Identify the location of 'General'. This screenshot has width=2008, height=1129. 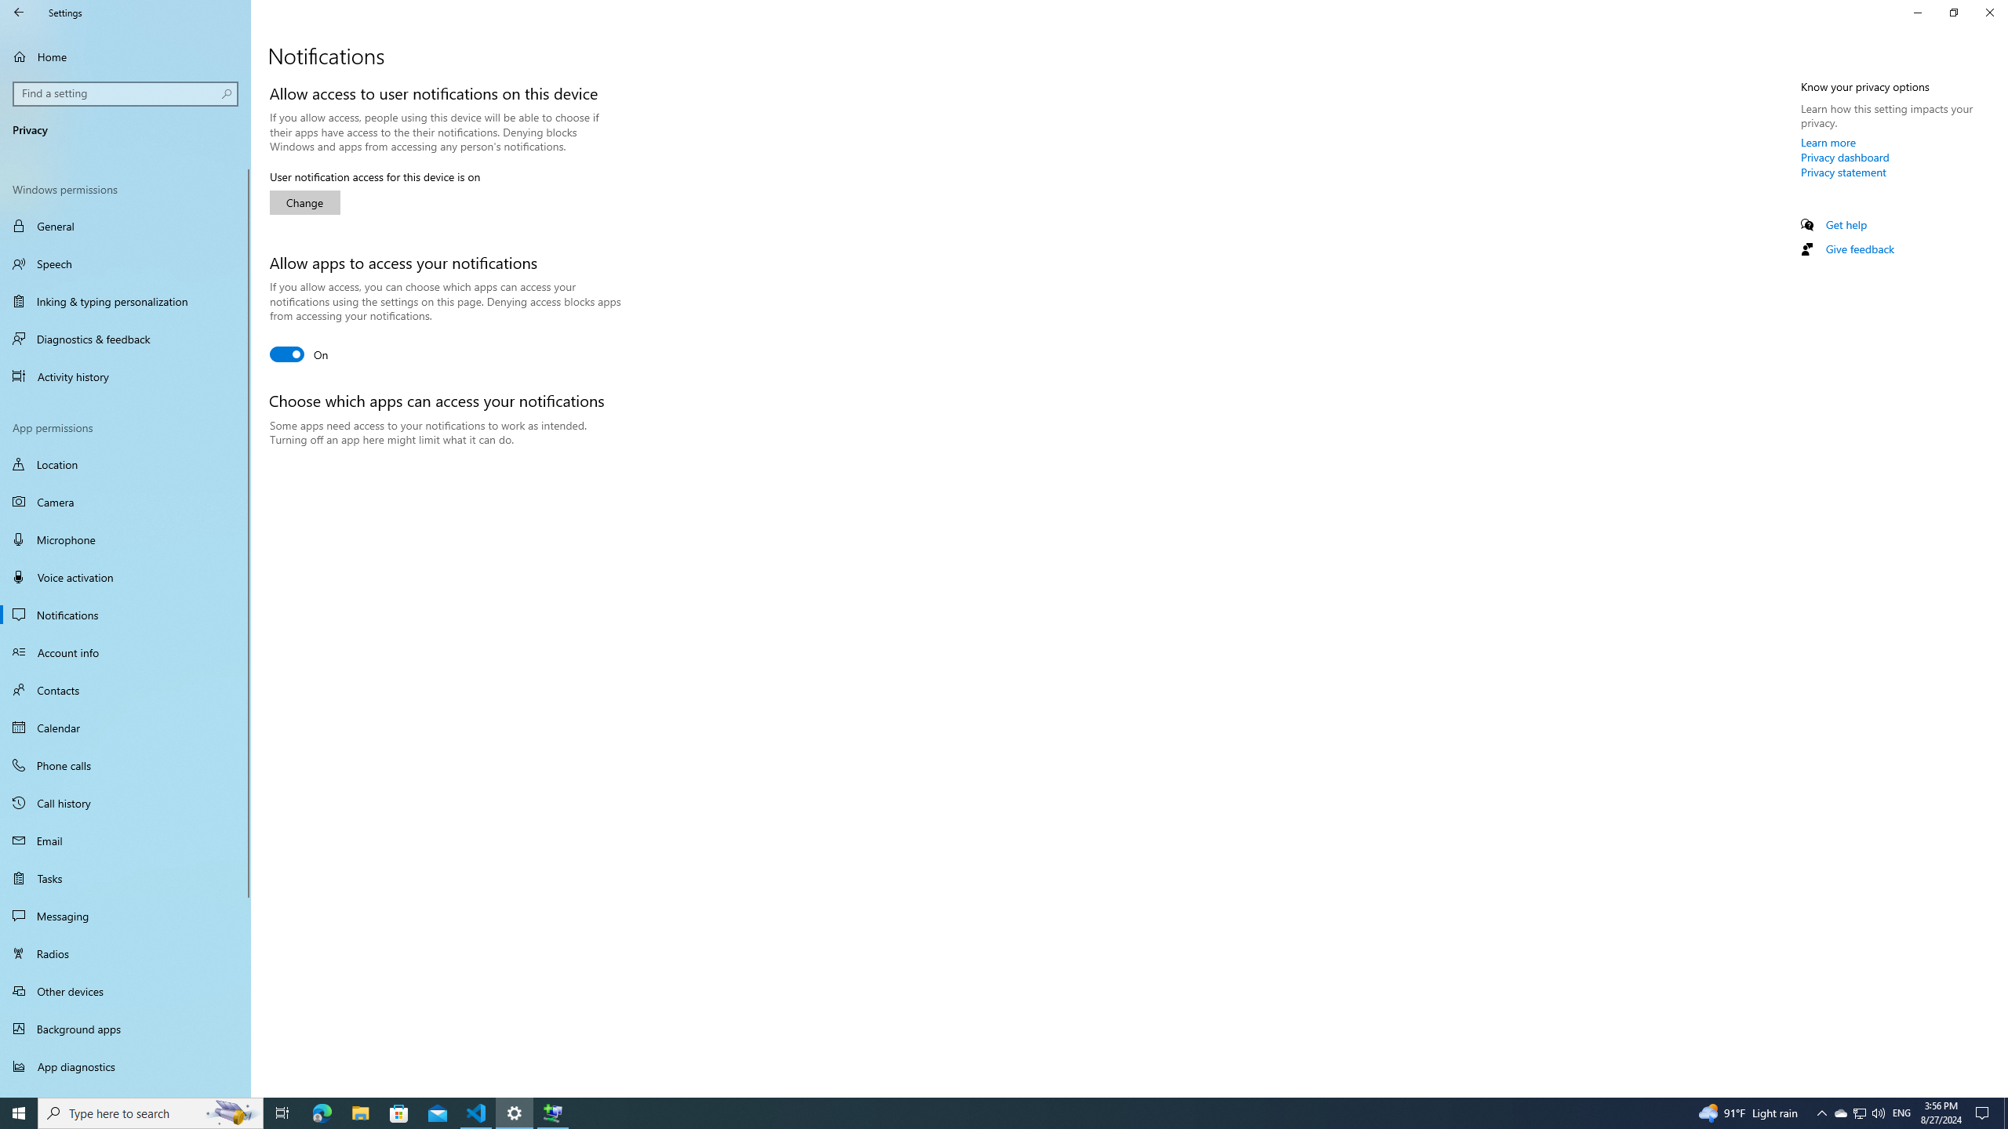
(125, 225).